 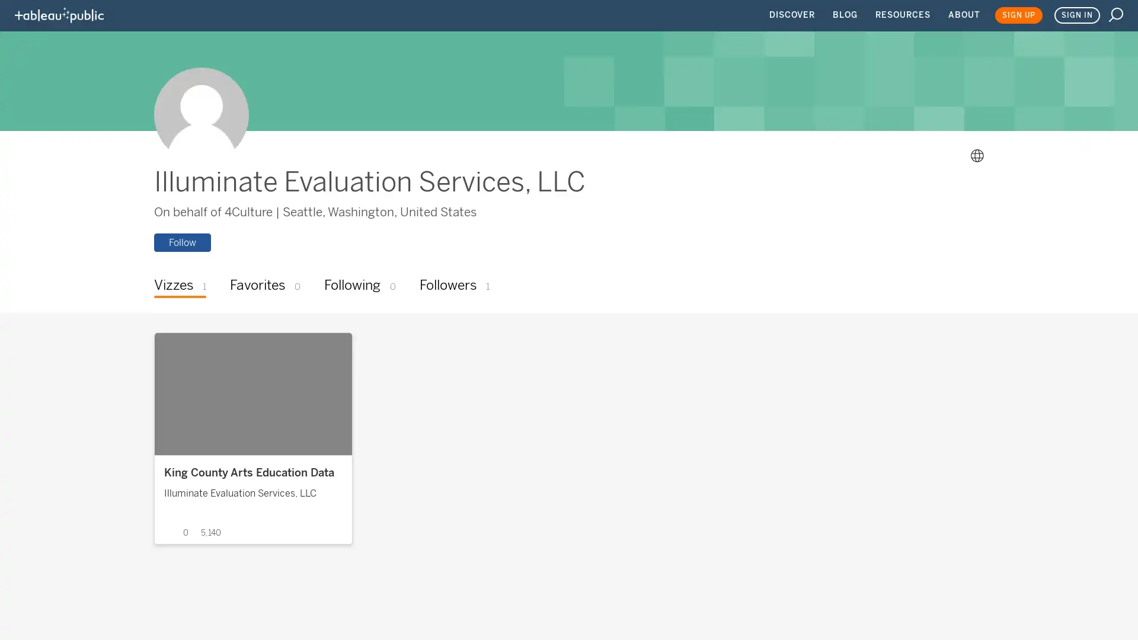 What do you see at coordinates (359, 286) in the screenshot?
I see `Following 0` at bounding box center [359, 286].